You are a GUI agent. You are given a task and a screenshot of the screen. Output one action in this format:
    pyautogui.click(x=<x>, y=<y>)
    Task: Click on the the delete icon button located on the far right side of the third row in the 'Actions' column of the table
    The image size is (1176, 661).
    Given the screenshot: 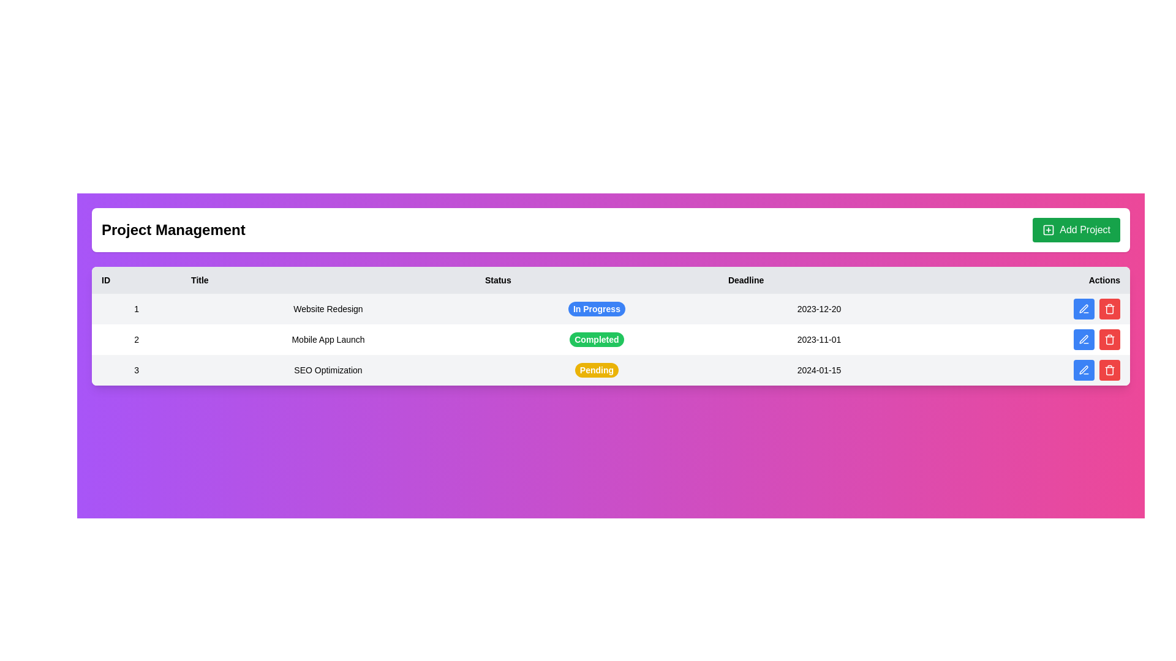 What is the action you would take?
    pyautogui.click(x=1109, y=370)
    